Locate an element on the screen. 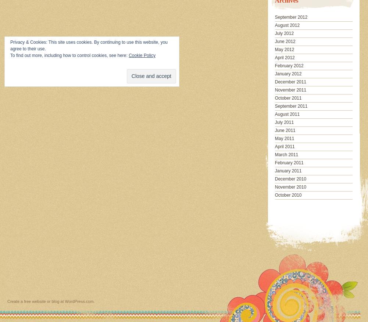 The image size is (368, 322). 'Privacy & Cookies: This site uses cookies. By continuing to use this website, you agree to their use.' is located at coordinates (88, 45).